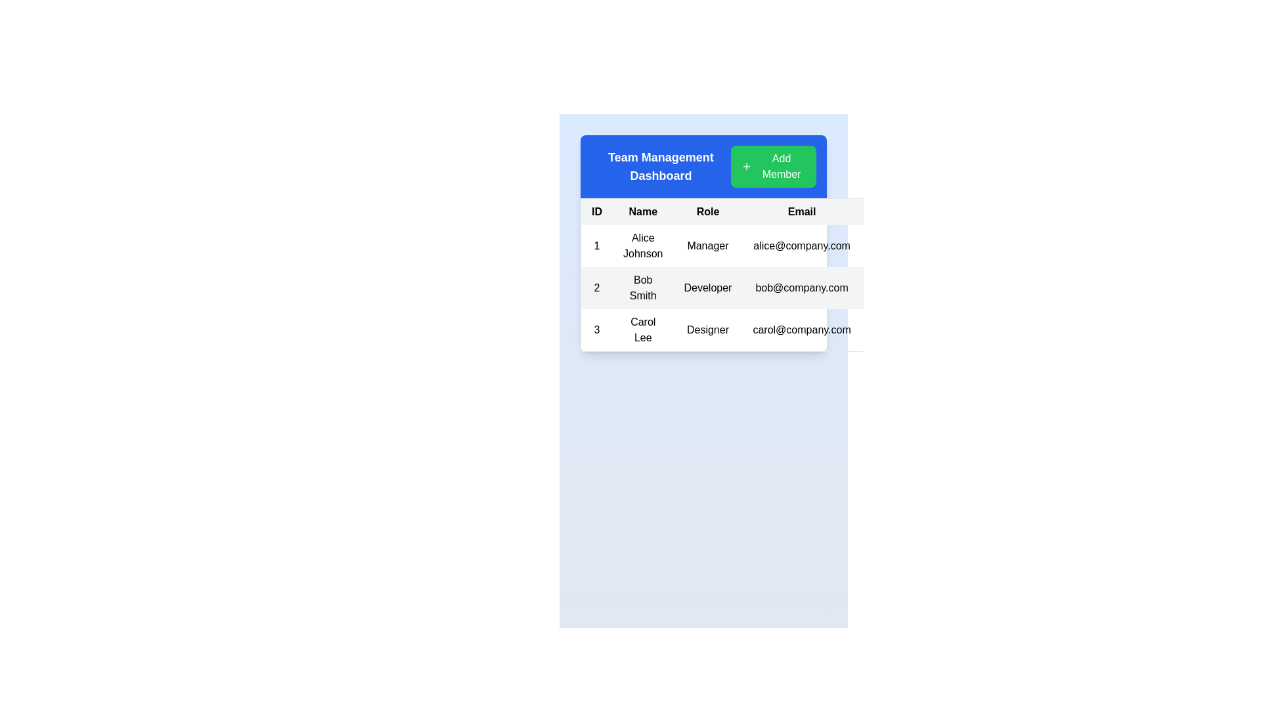  What do you see at coordinates (783, 288) in the screenshot?
I see `the second row of the table in the team management dashboard` at bounding box center [783, 288].